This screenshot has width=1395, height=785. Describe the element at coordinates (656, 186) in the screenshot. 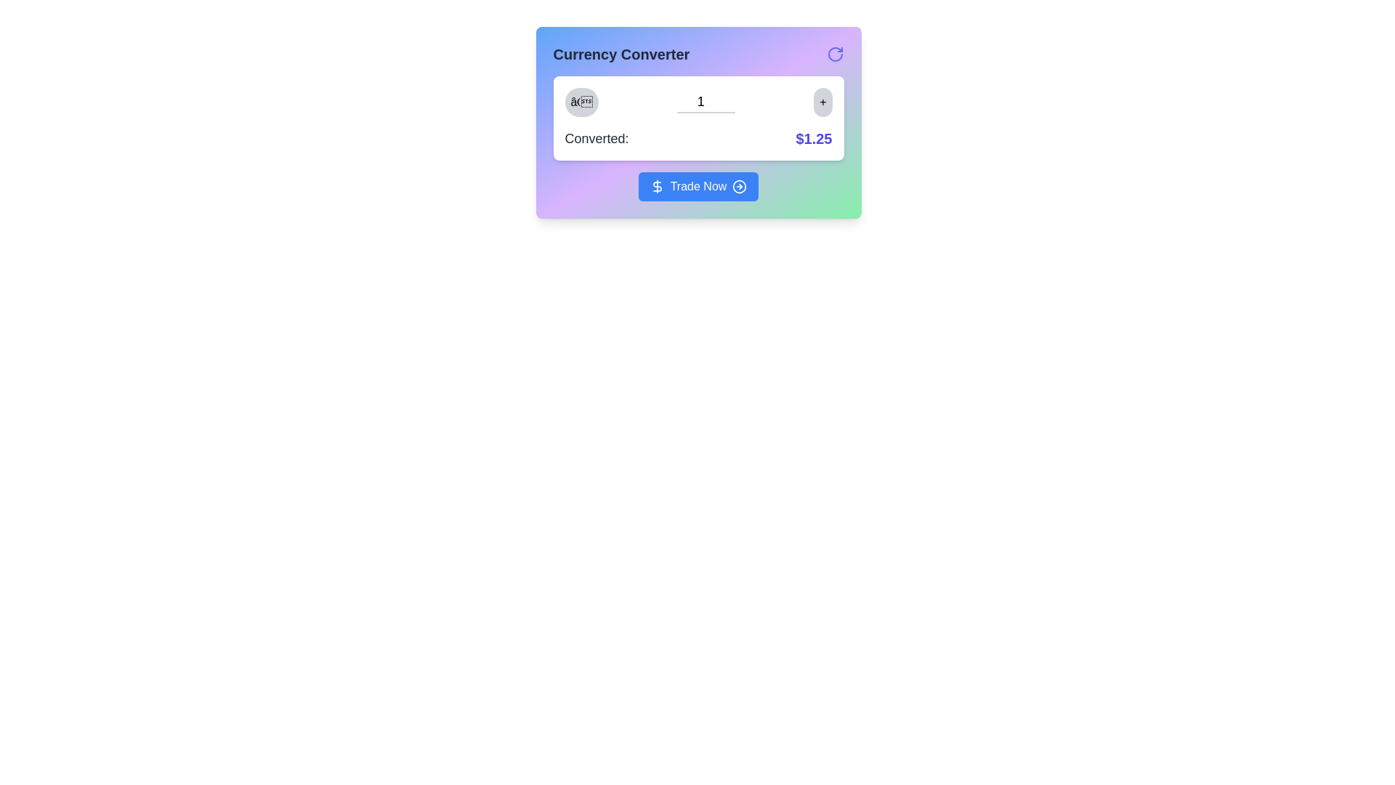

I see `the decorative SVG graphic icon located to the left of the 'Trade Now' button, which is part of a rectangular blue button below the conversion section` at that location.